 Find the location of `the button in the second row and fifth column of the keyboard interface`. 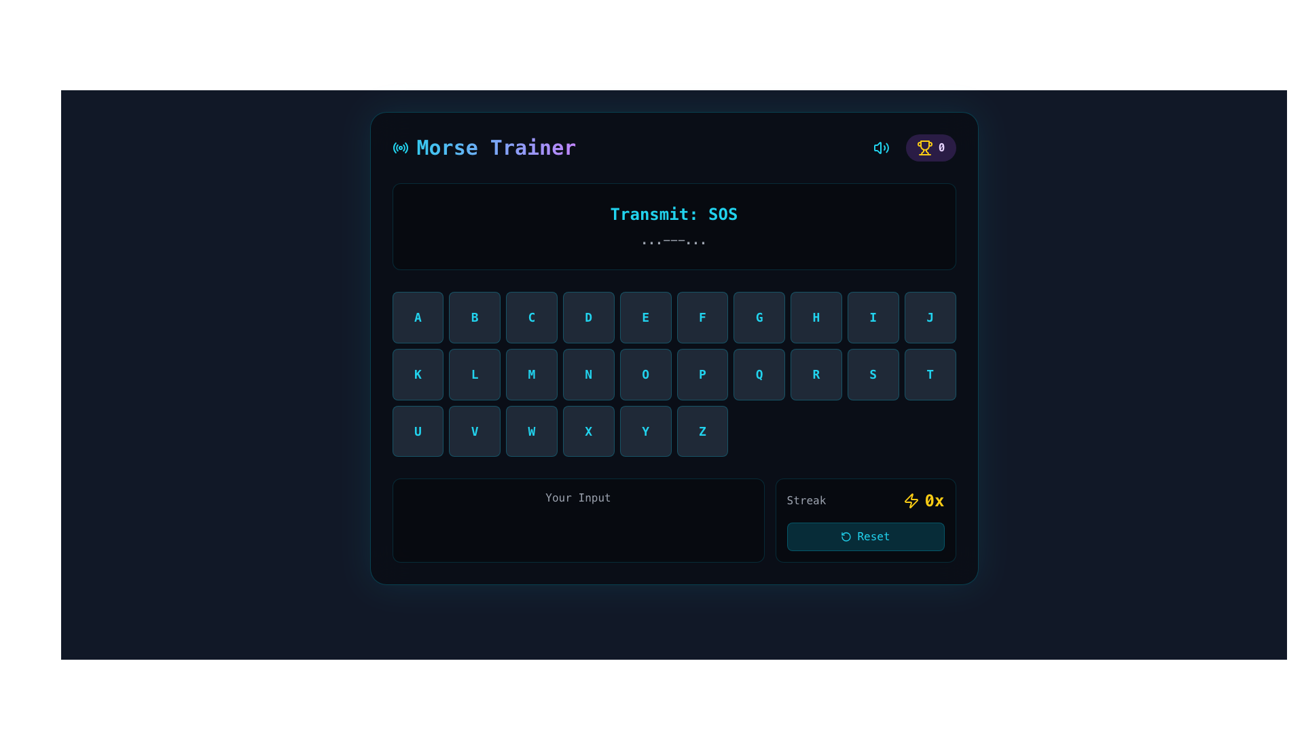

the button in the second row and fifth column of the keyboard interface is located at coordinates (815, 374).